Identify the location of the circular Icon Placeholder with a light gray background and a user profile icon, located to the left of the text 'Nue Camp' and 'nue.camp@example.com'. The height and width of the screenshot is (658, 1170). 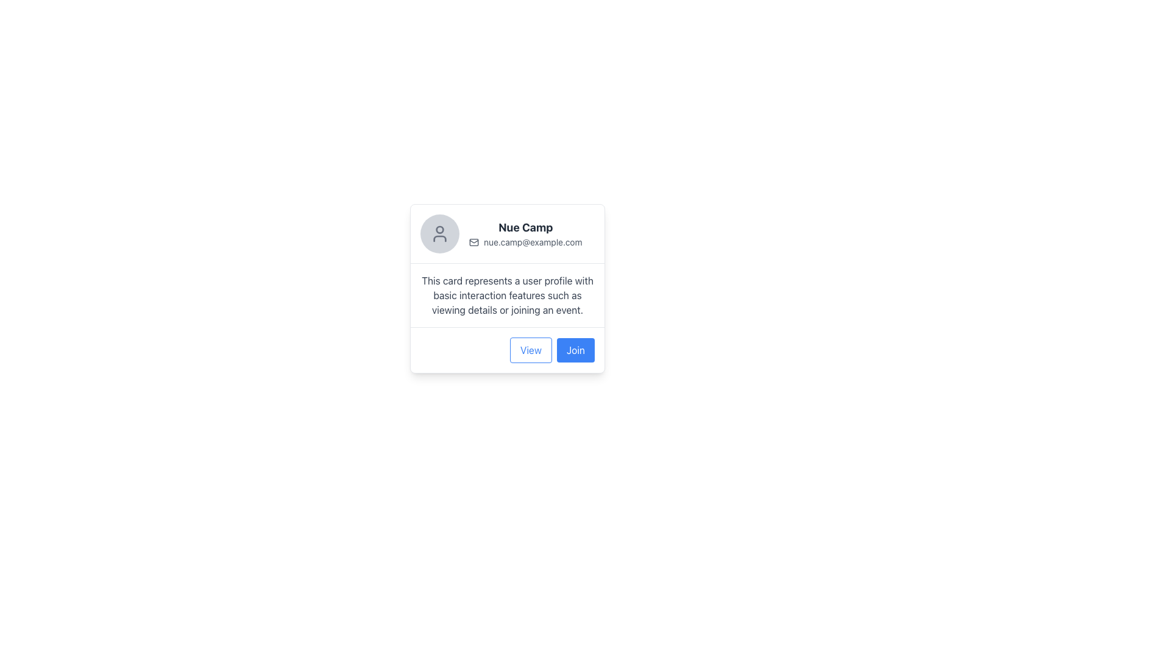
(439, 234).